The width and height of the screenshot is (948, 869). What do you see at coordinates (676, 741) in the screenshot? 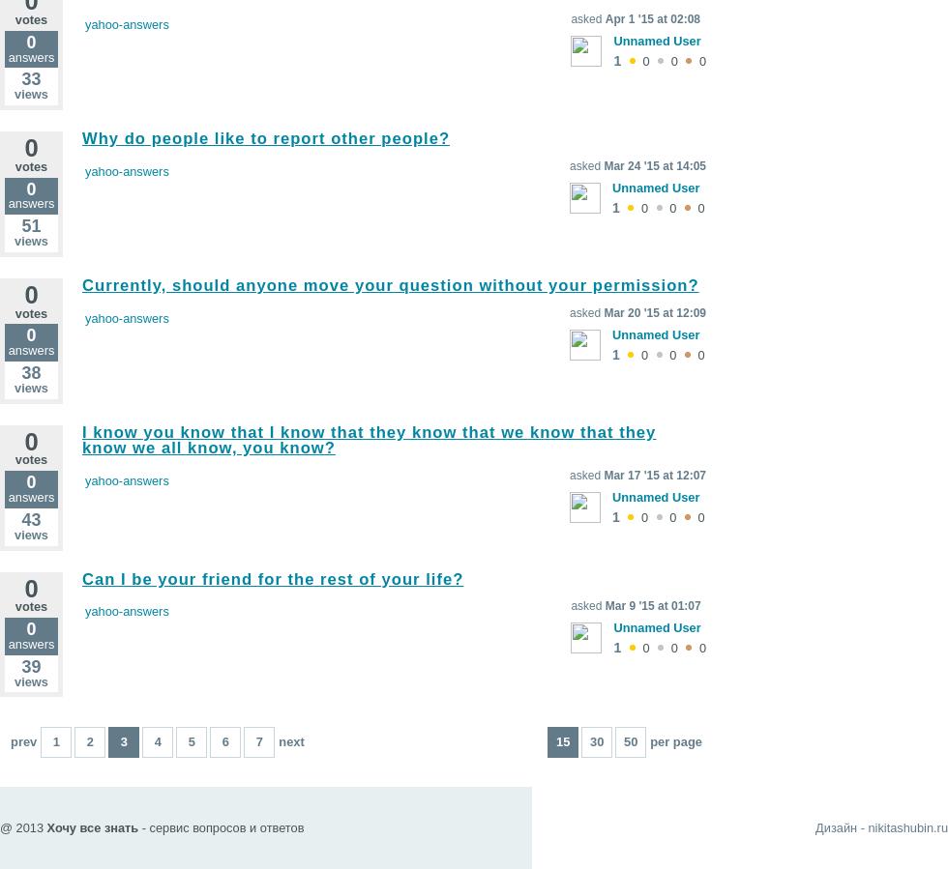
I see `'per page'` at bounding box center [676, 741].